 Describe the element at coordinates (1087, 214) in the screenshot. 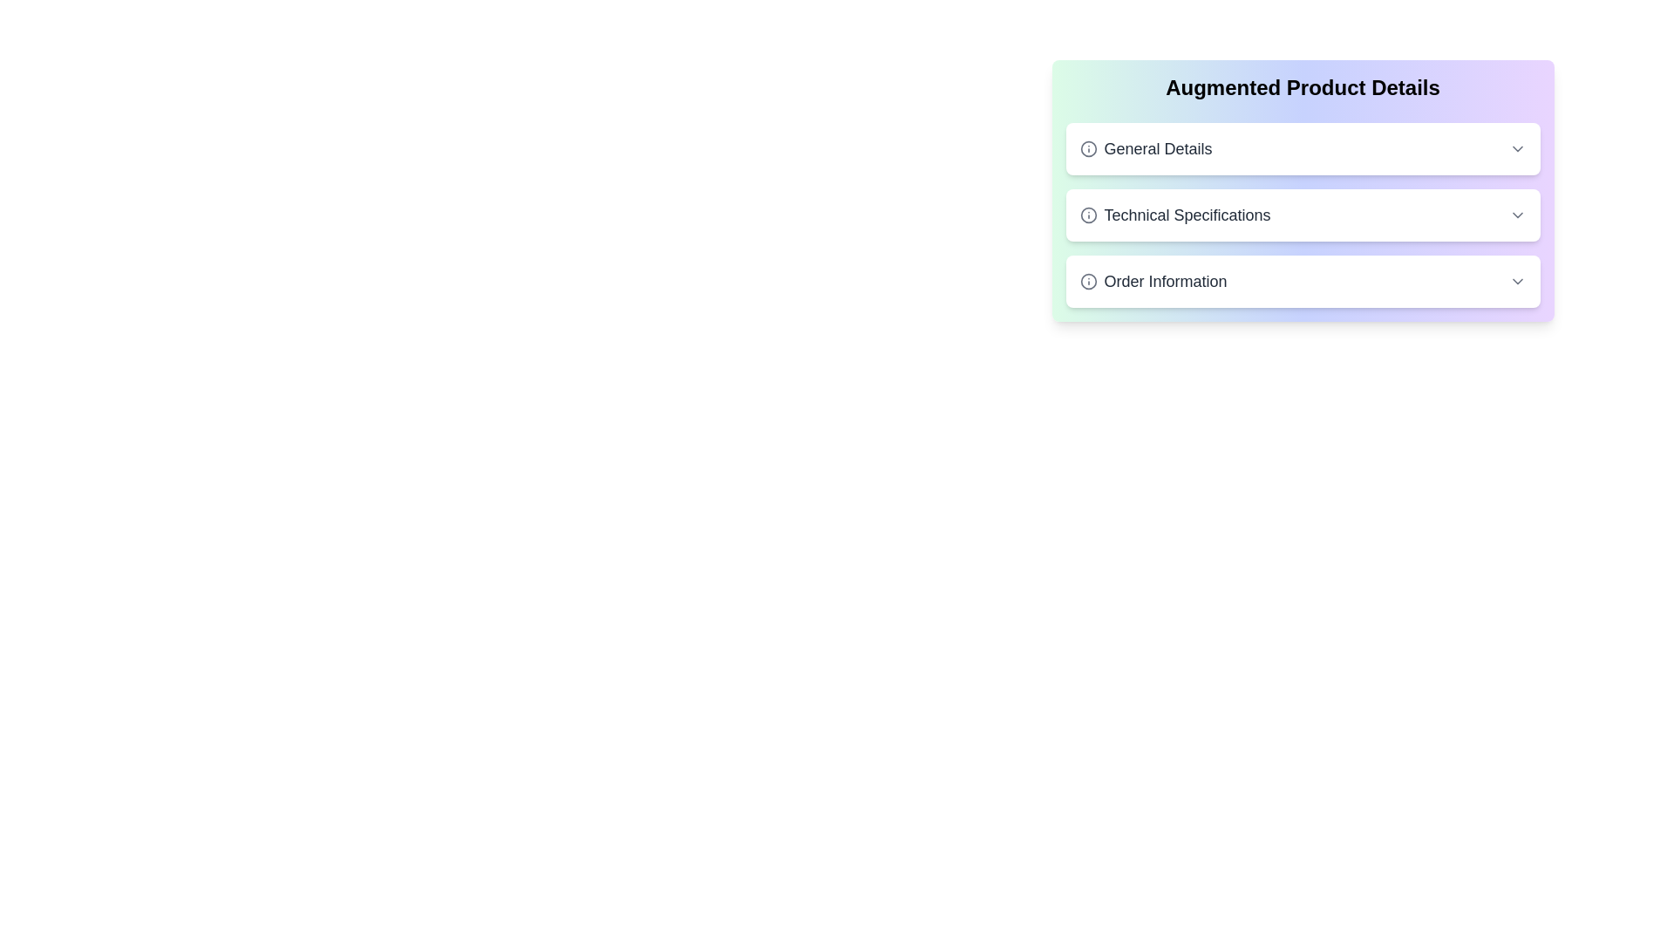

I see `the SVG Circle located in the second row of the accordion menu labeled 'Technical Specifications'` at that location.